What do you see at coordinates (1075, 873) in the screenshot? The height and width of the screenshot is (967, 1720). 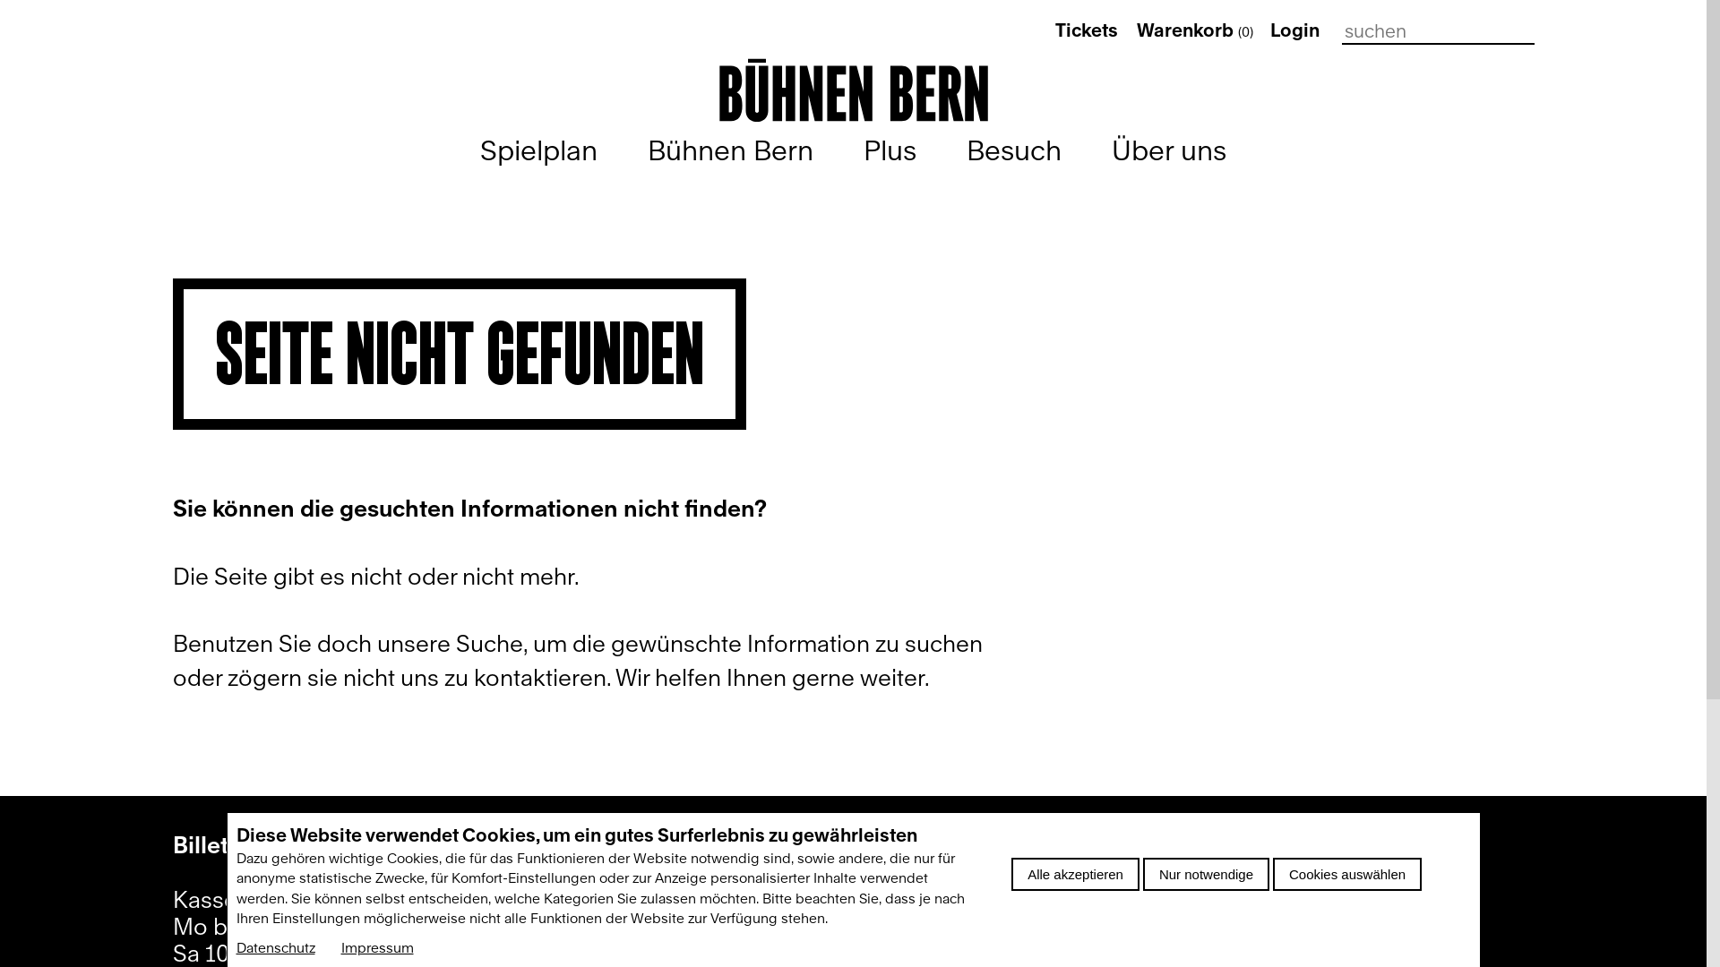 I see `'Alle akzeptieren'` at bounding box center [1075, 873].